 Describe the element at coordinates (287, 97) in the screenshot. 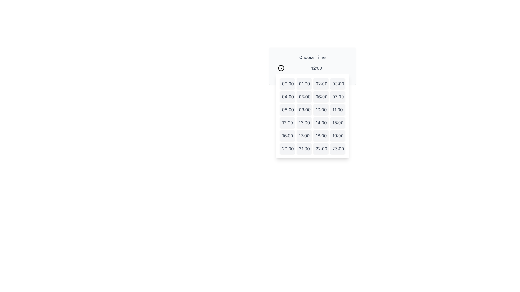

I see `the button in the grid layout` at that location.